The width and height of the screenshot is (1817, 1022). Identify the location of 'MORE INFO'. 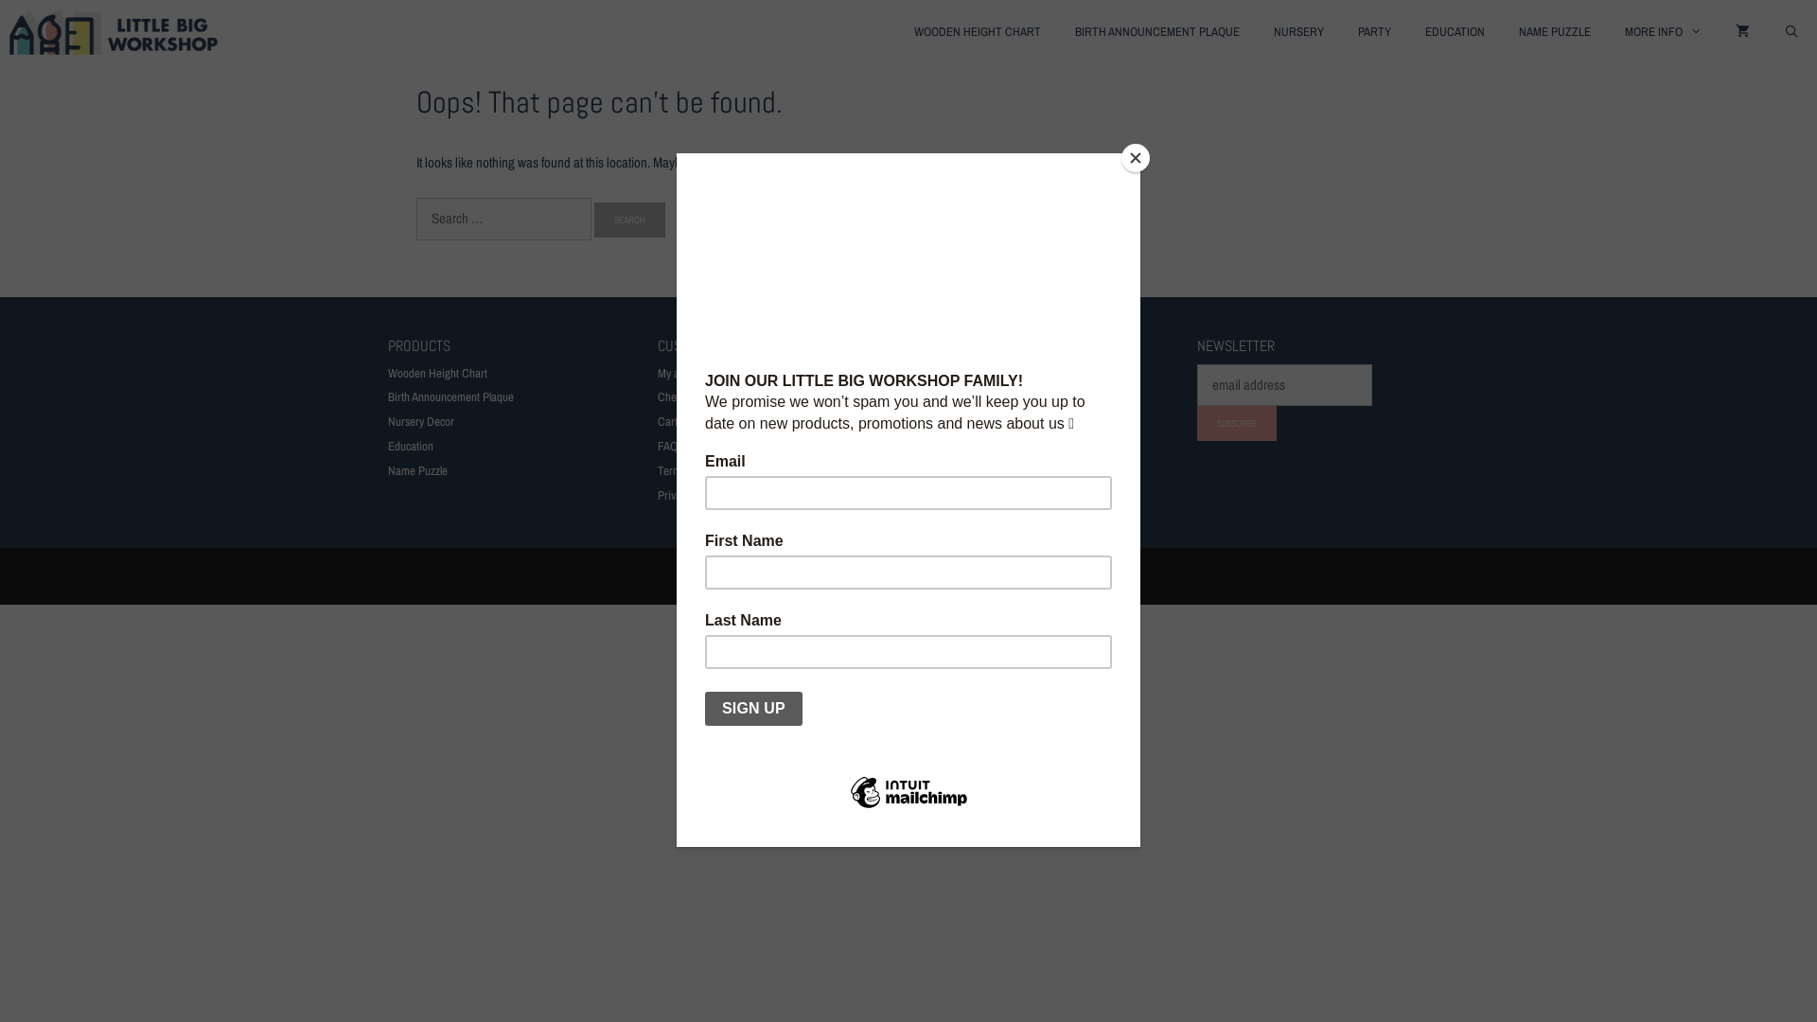
(1662, 32).